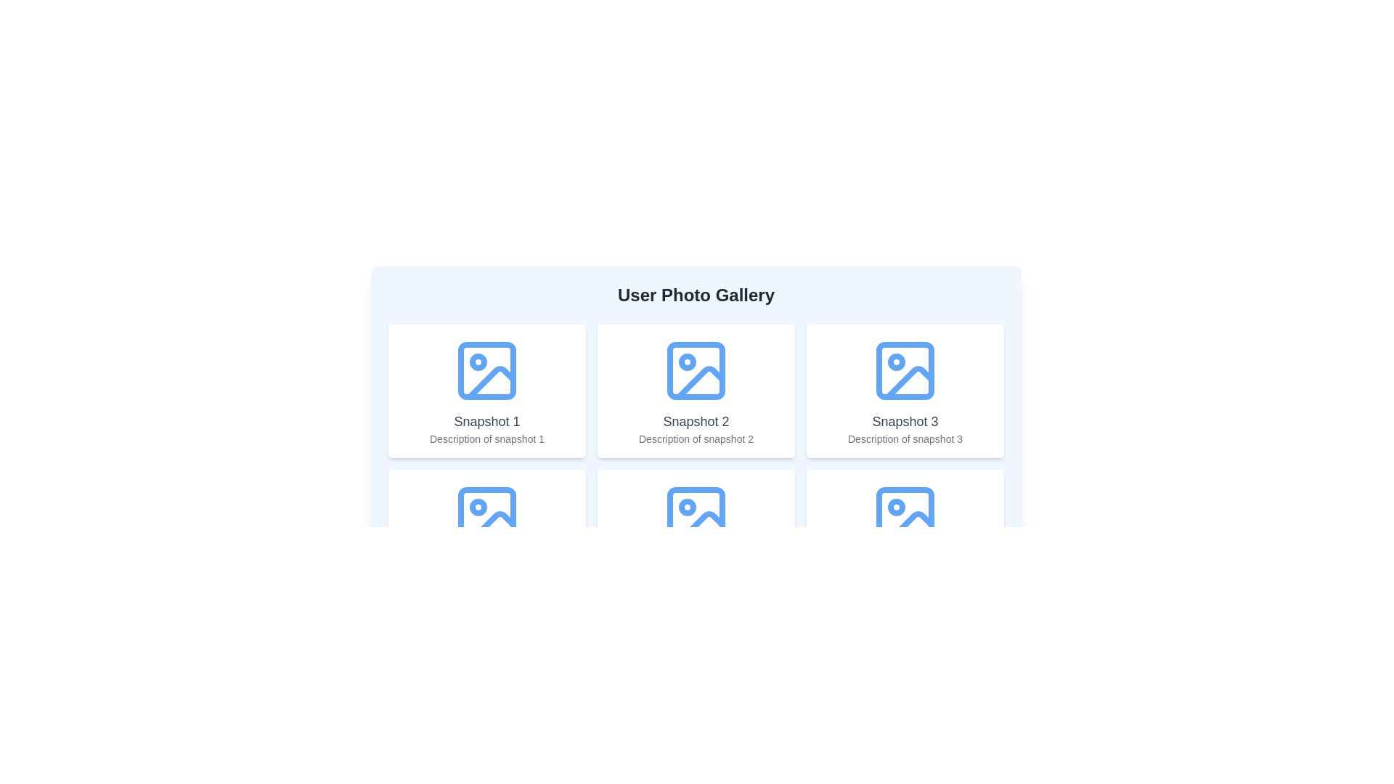  I want to click on the rounded rectangle vector graphic component in the bottom-right of the photo gallery icon, which is part of an SVG and has dimensions of 18x18 pixels, so click(905, 515).